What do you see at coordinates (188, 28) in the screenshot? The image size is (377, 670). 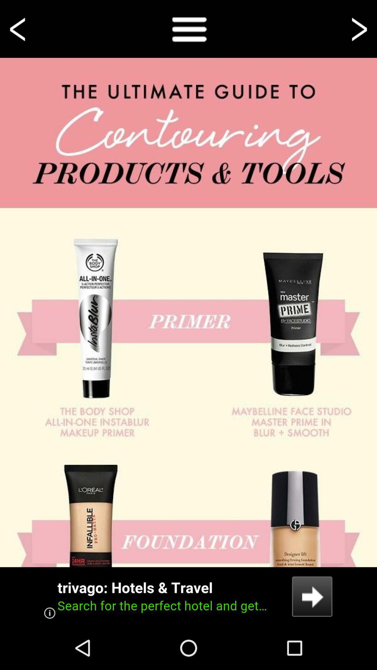 I see `open app menu` at bounding box center [188, 28].